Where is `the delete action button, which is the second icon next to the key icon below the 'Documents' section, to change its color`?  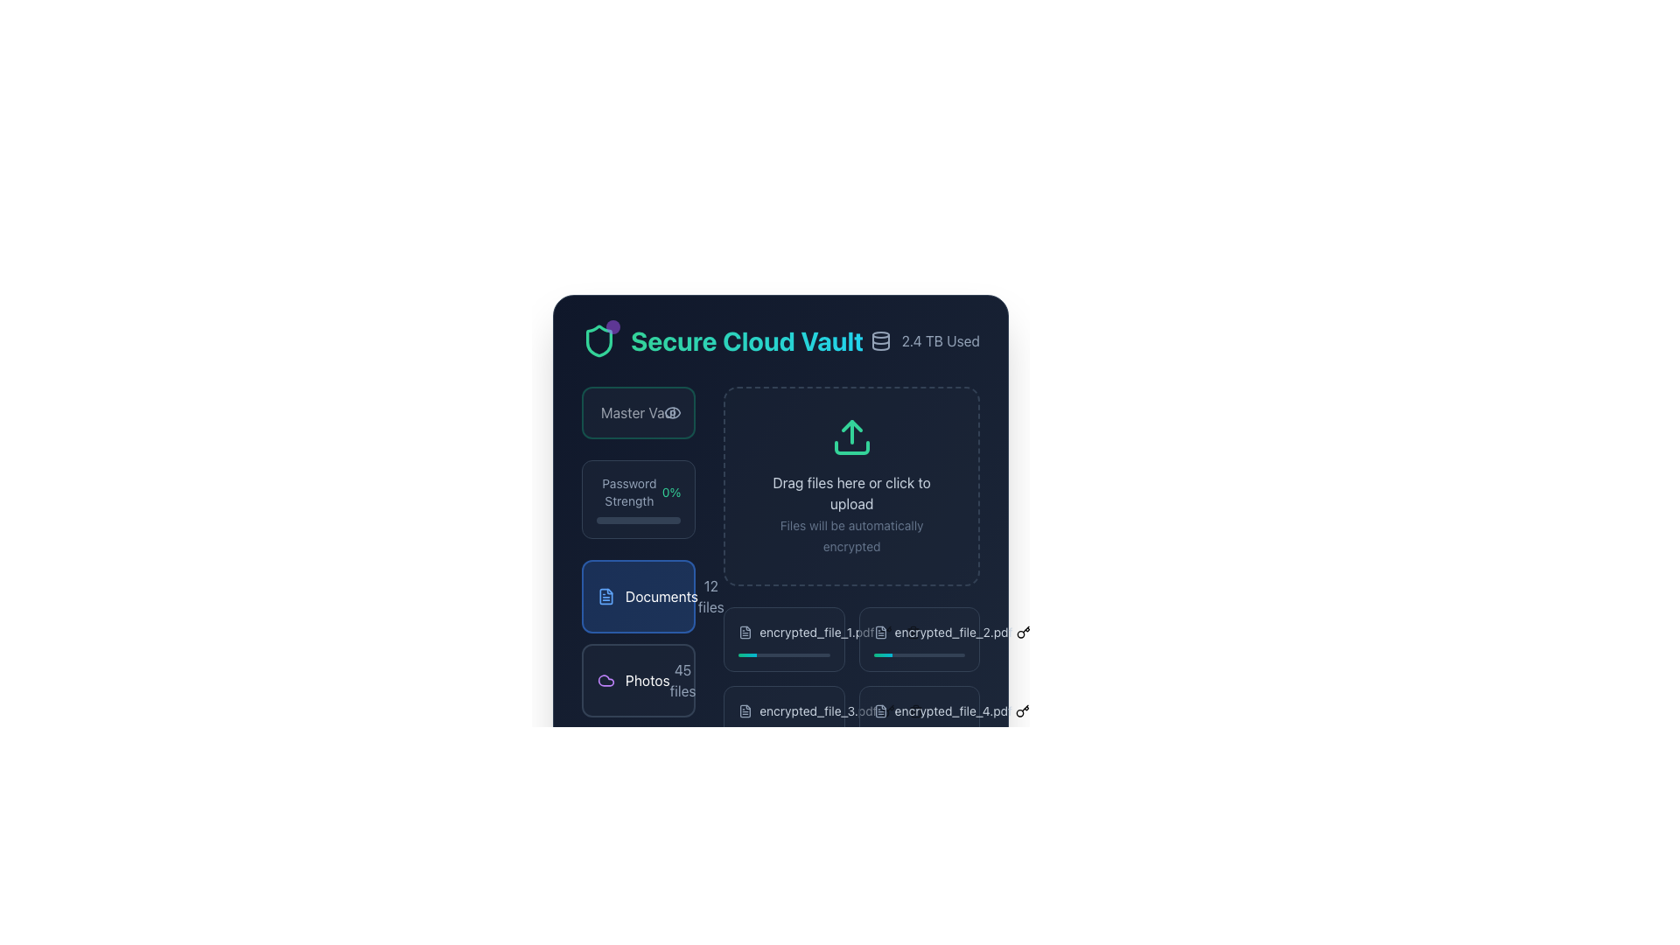 the delete action button, which is the second icon next to the key icon below the 'Documents' section, to change its color is located at coordinates (912, 632).